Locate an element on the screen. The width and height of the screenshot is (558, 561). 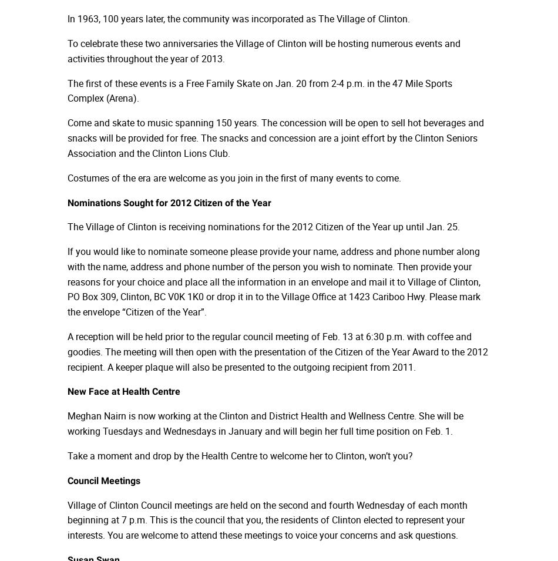
'Take a moment and drop by the Health Centre to welcome her to Clinton, won’t you?' is located at coordinates (239, 454).